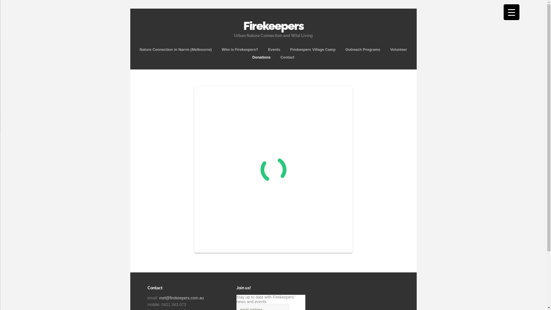 The image size is (551, 310). What do you see at coordinates (312, 49) in the screenshot?
I see `'Firekeepers Village Camp'` at bounding box center [312, 49].